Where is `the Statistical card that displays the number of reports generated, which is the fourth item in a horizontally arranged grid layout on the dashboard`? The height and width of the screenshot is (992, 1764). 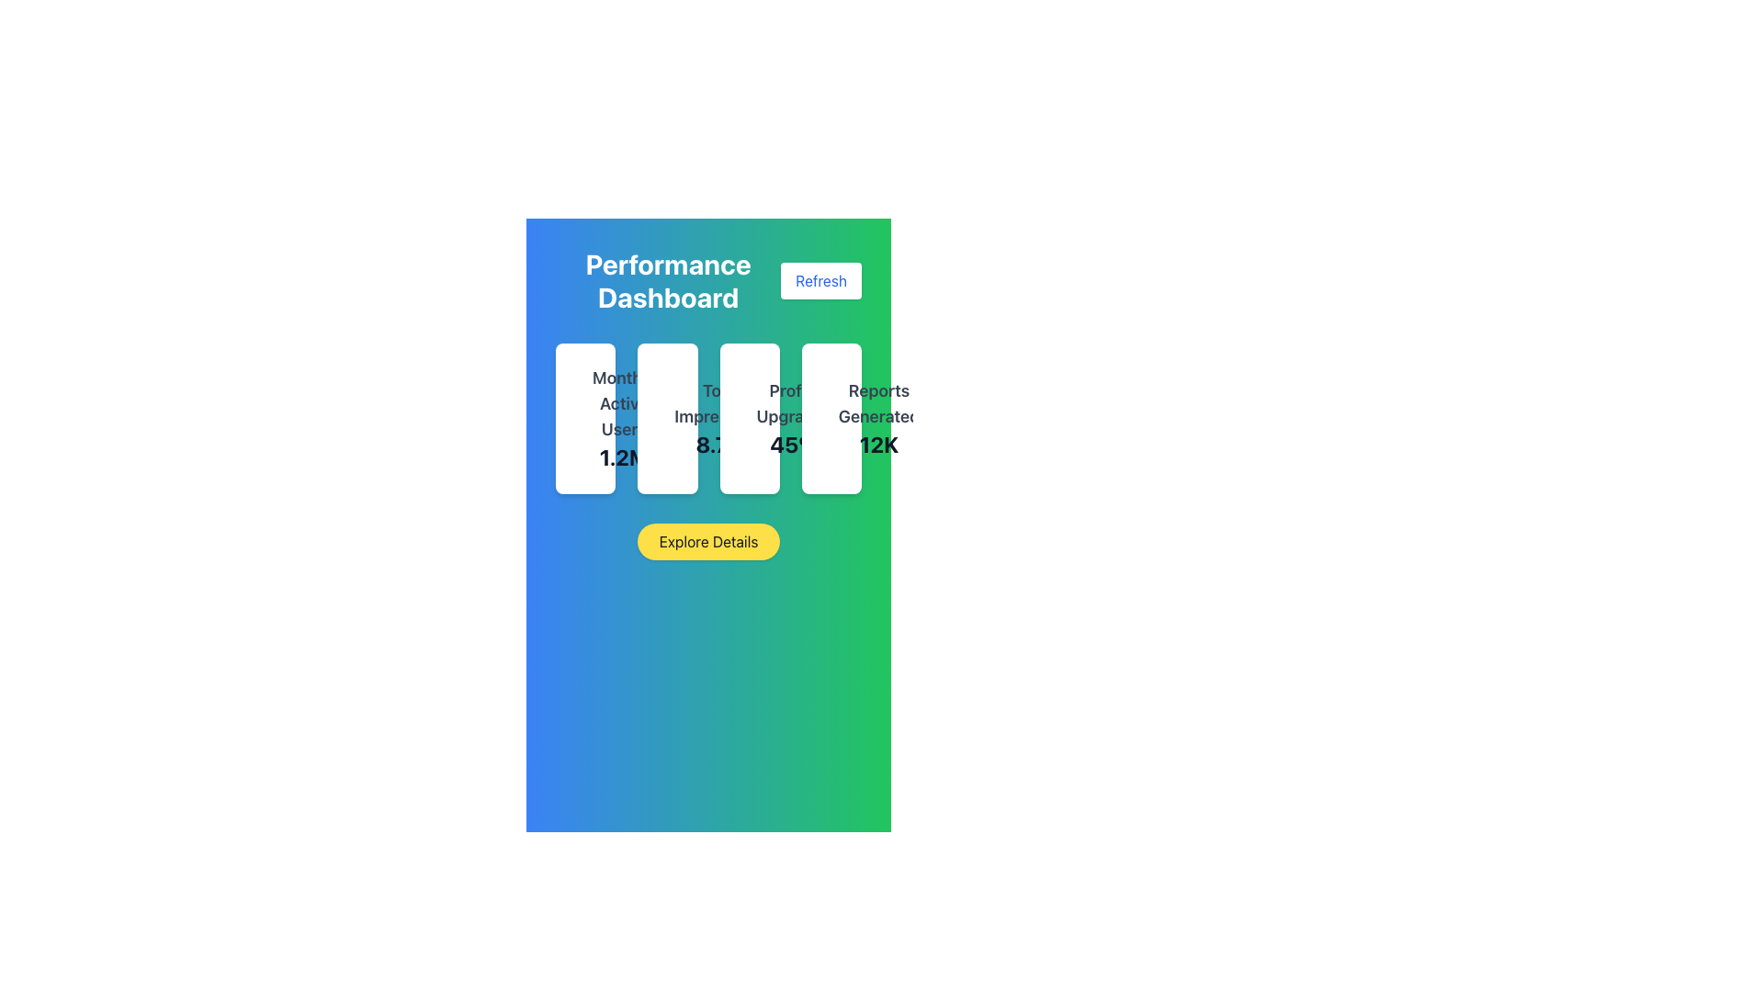 the Statistical card that displays the number of reports generated, which is the fourth item in a horizontally arranged grid layout on the dashboard is located at coordinates (831, 418).